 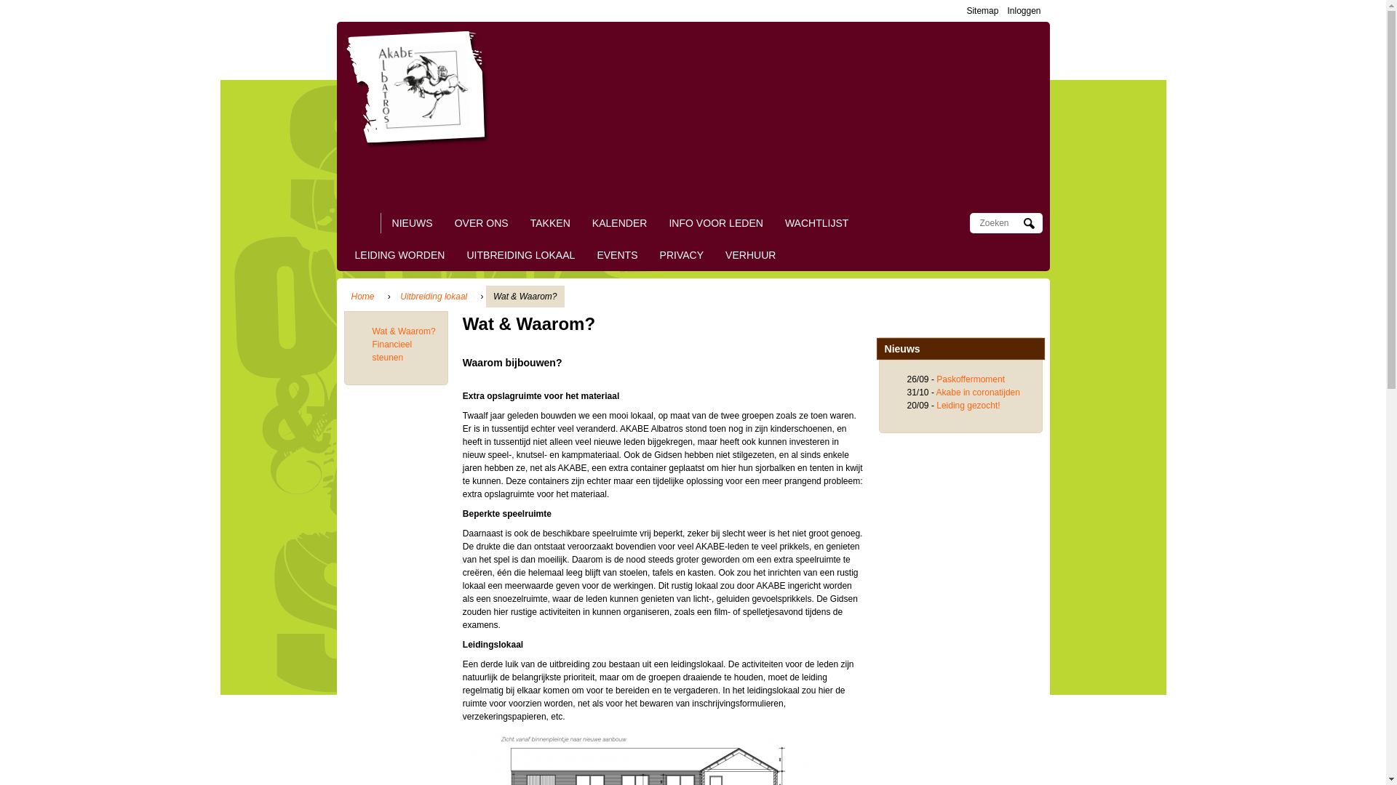 What do you see at coordinates (466, 254) in the screenshot?
I see `'UITBREIDING LOKAAL'` at bounding box center [466, 254].